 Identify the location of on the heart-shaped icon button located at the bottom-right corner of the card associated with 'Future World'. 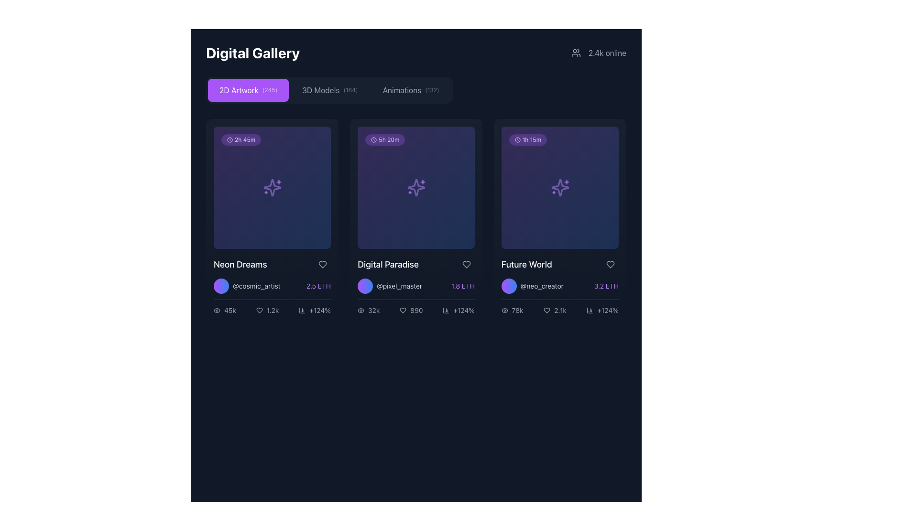
(610, 265).